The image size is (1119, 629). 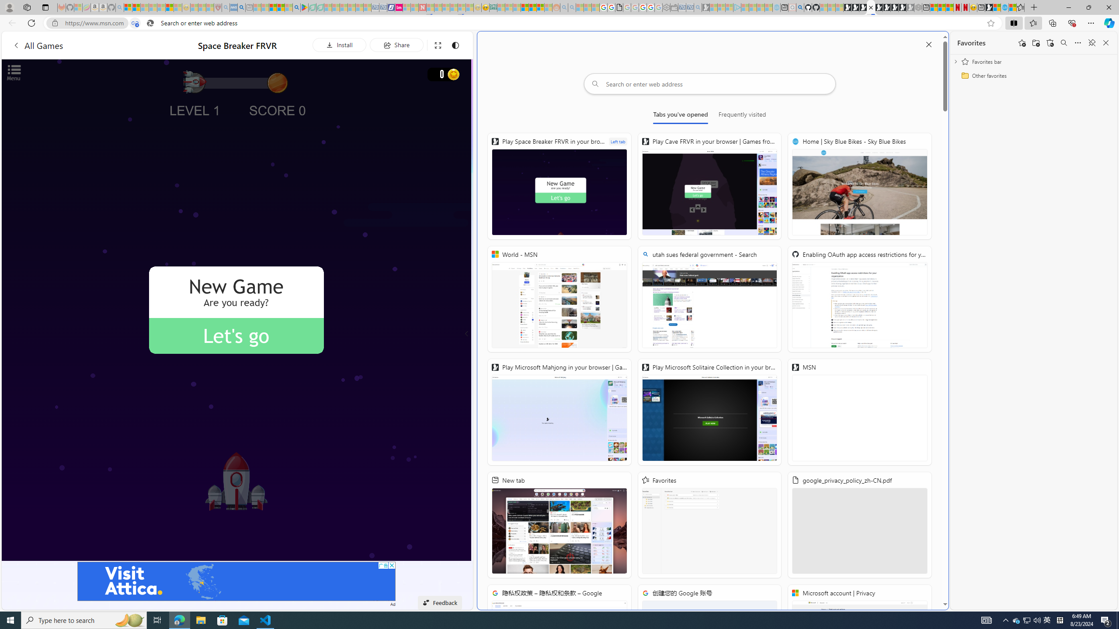 What do you see at coordinates (524, 7) in the screenshot?
I see `'Expert Portfolios'` at bounding box center [524, 7].